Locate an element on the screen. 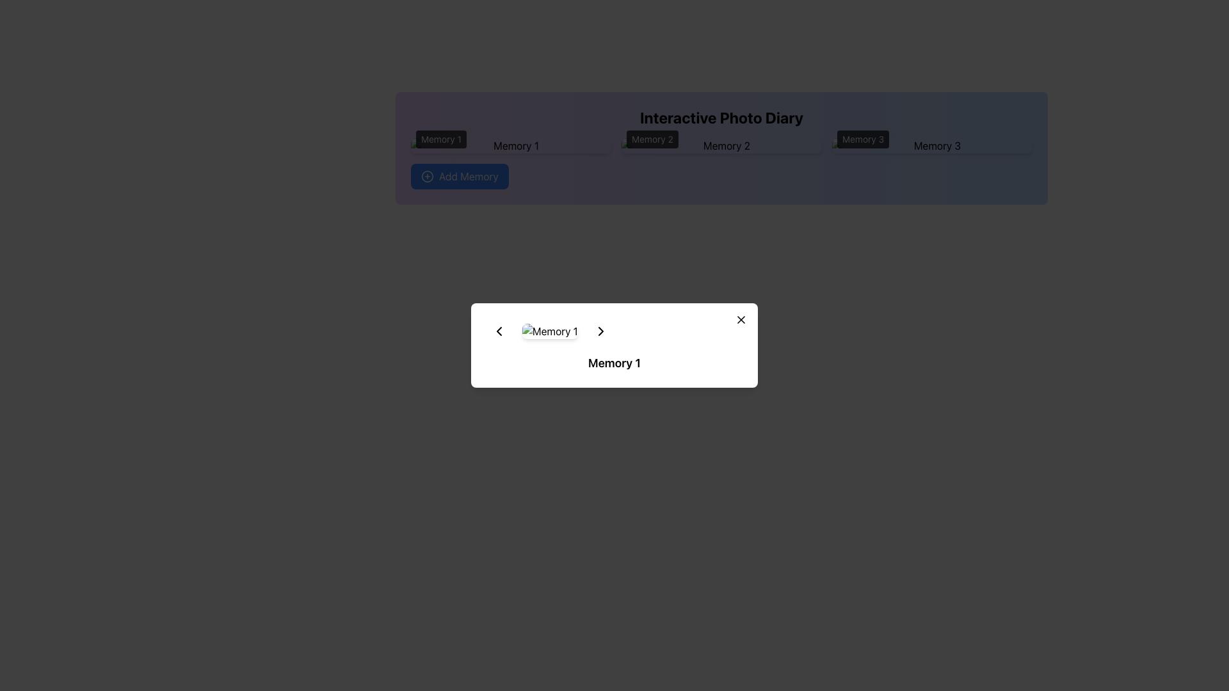 The image size is (1229, 691). the first item in the grid layout that serves as a button for accessing 'Memory 1' is located at coordinates (510, 145).